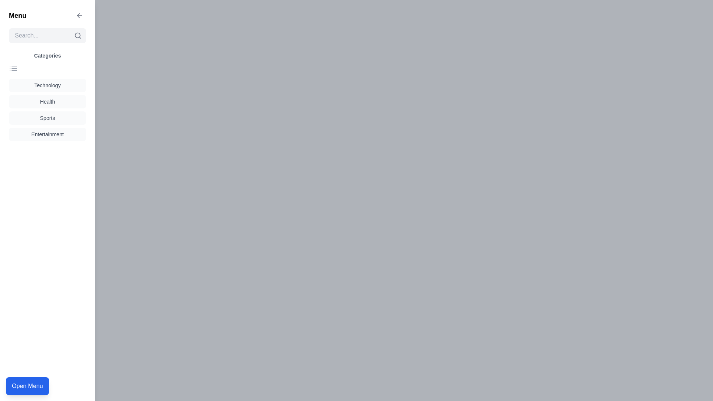 This screenshot has width=713, height=401. Describe the element at coordinates (47, 85) in the screenshot. I see `the 'Technology' category button in the vertical list under the 'Categories' heading` at that location.